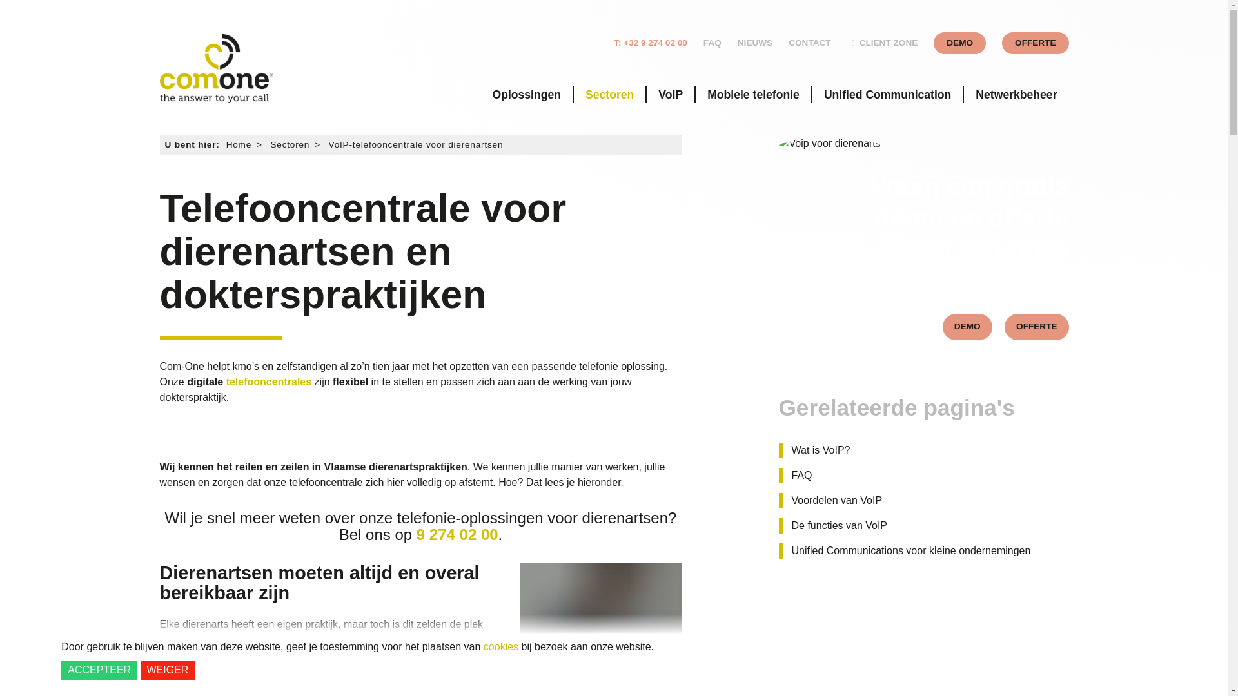  What do you see at coordinates (268, 382) in the screenshot?
I see `'telefooncentrales'` at bounding box center [268, 382].